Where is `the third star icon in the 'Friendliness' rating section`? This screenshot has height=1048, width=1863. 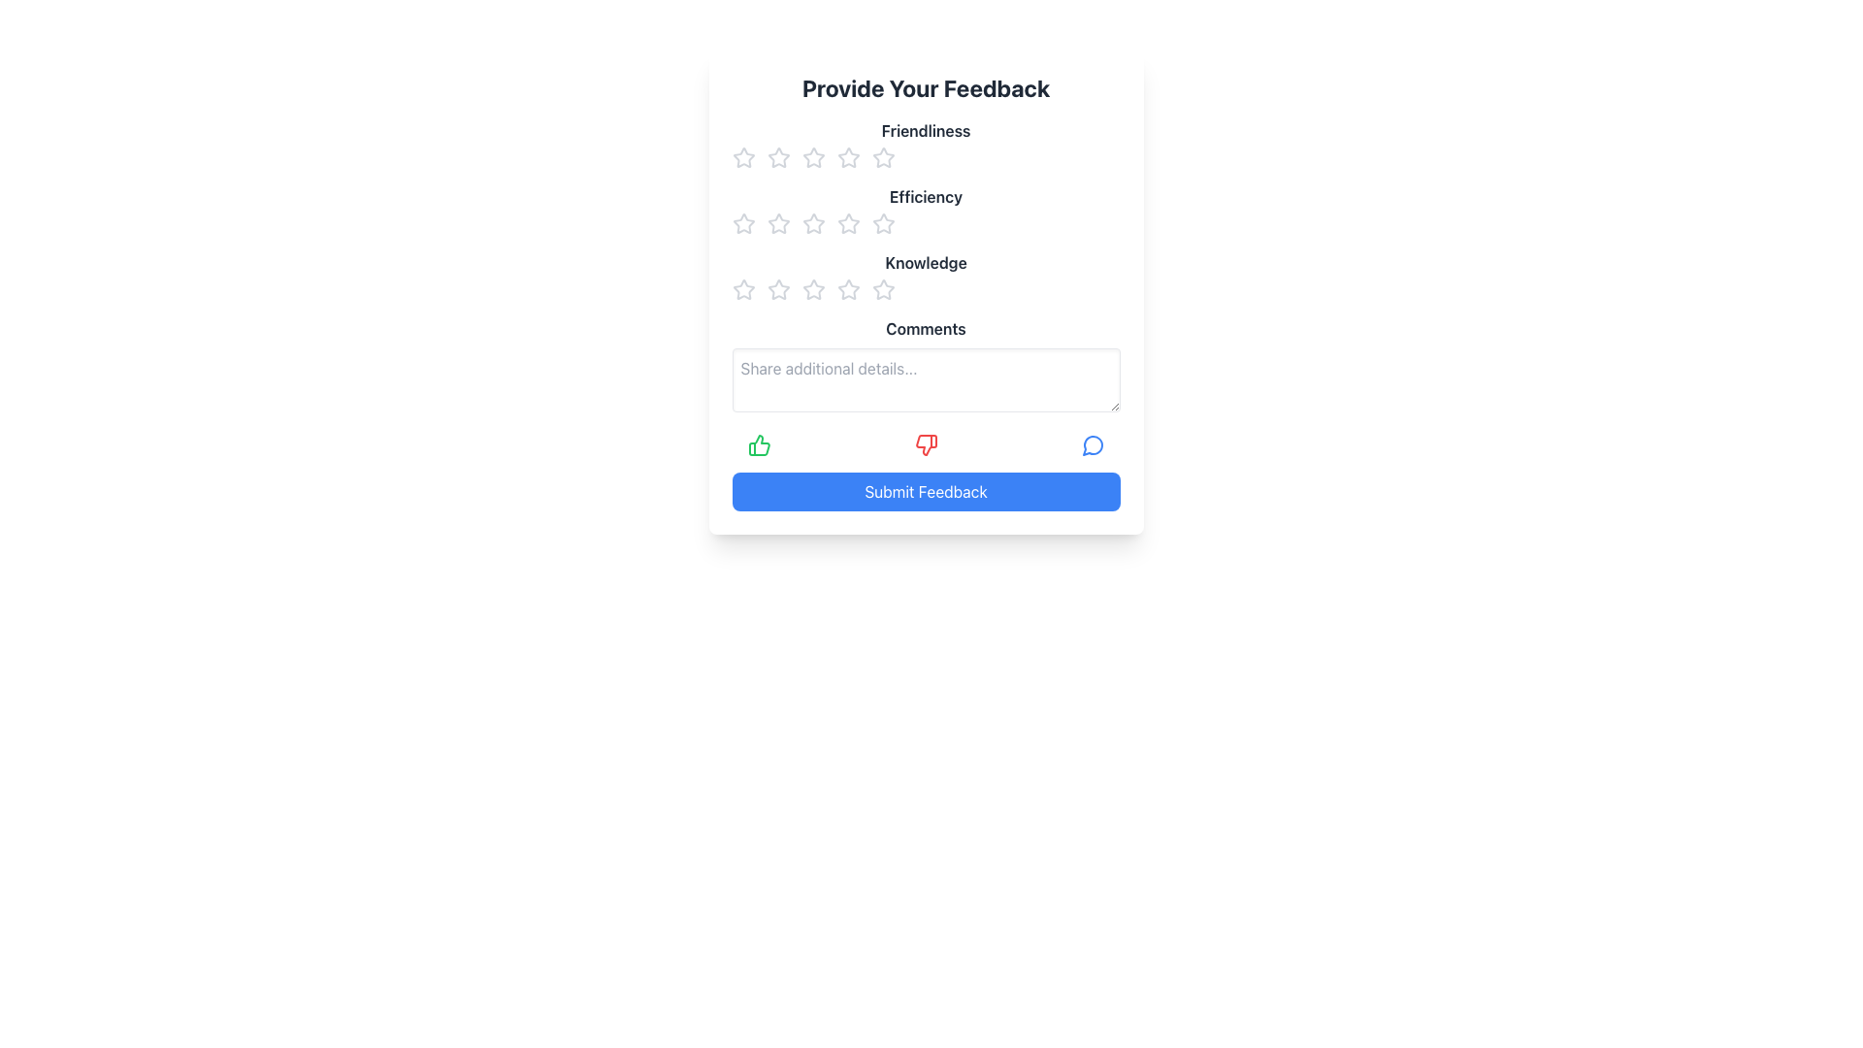 the third star icon in the 'Friendliness' rating section is located at coordinates (813, 156).